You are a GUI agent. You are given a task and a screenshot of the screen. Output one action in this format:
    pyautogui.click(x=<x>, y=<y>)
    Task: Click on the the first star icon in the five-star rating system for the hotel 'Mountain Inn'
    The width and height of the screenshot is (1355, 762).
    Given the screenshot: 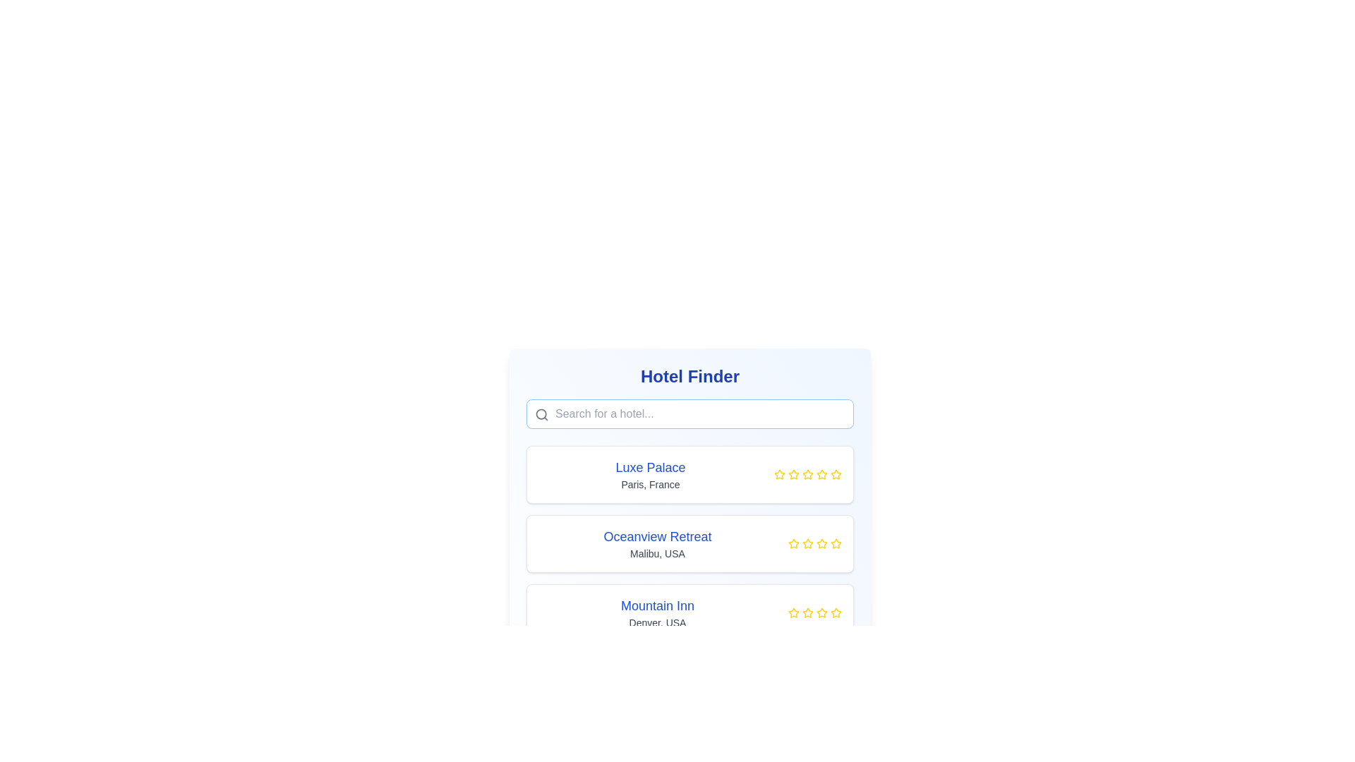 What is the action you would take?
    pyautogui.click(x=793, y=612)
    